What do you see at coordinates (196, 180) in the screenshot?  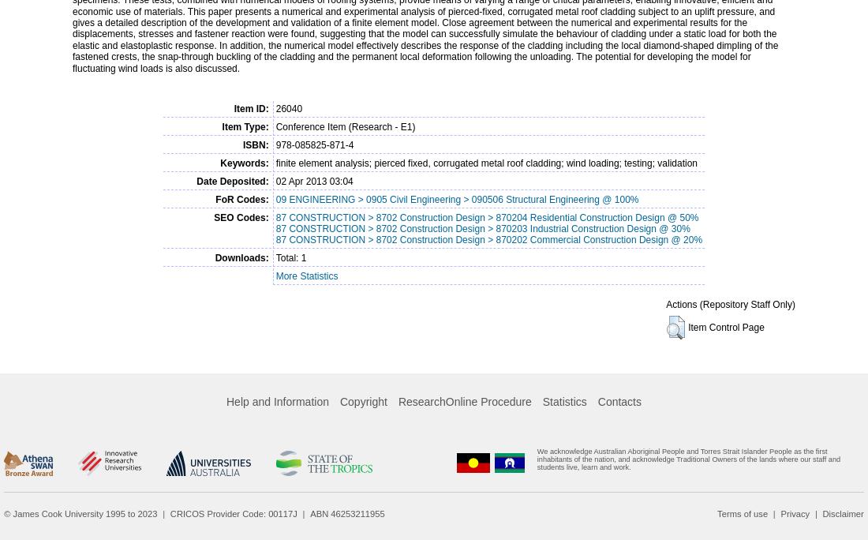 I see `'Date Deposited:'` at bounding box center [196, 180].